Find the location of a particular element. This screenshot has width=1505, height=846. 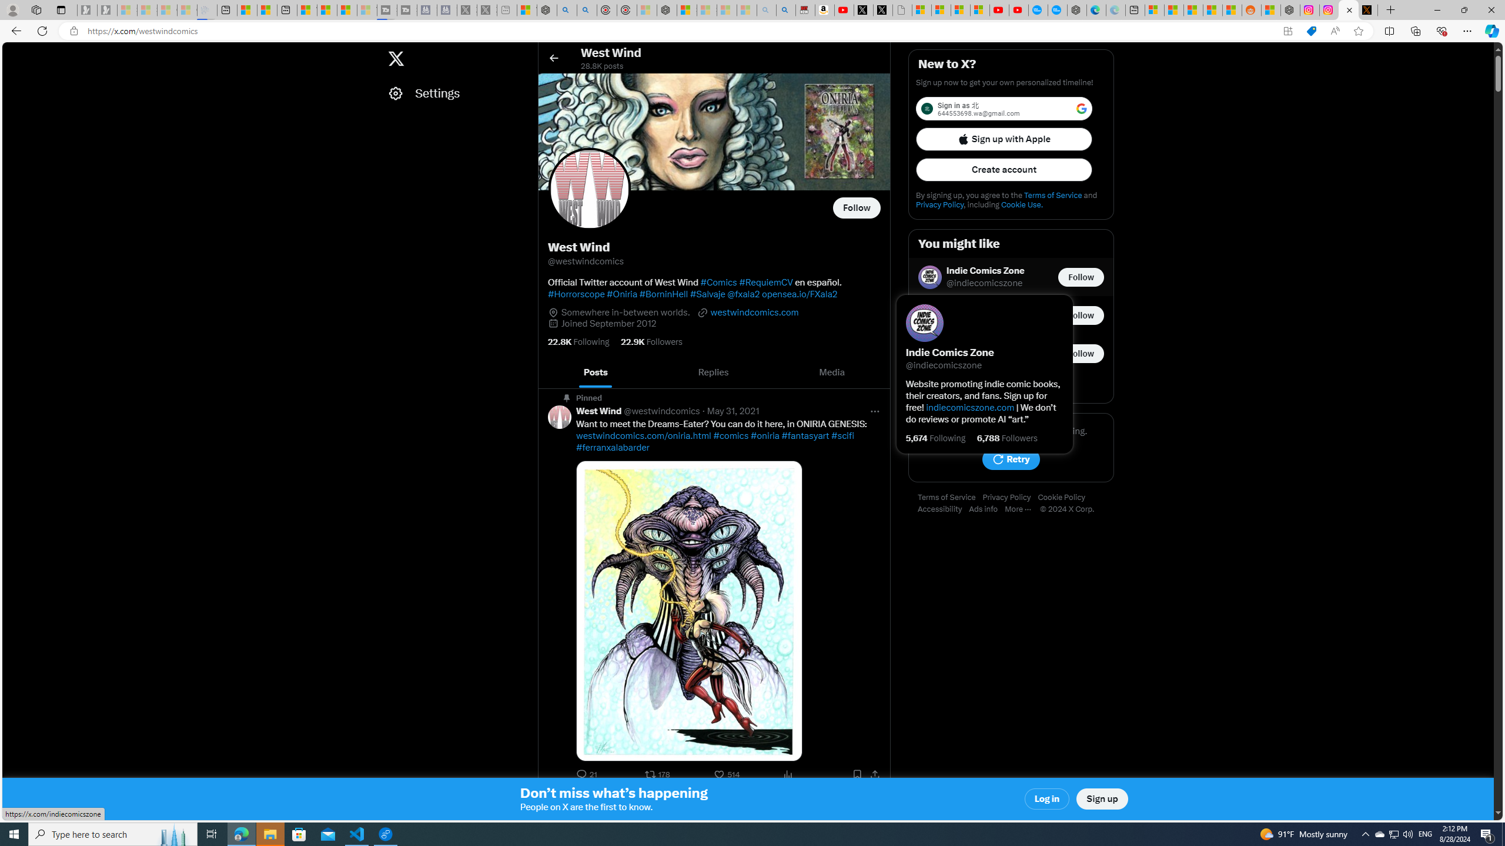

'Skip to trending' is located at coordinates (14, 52).